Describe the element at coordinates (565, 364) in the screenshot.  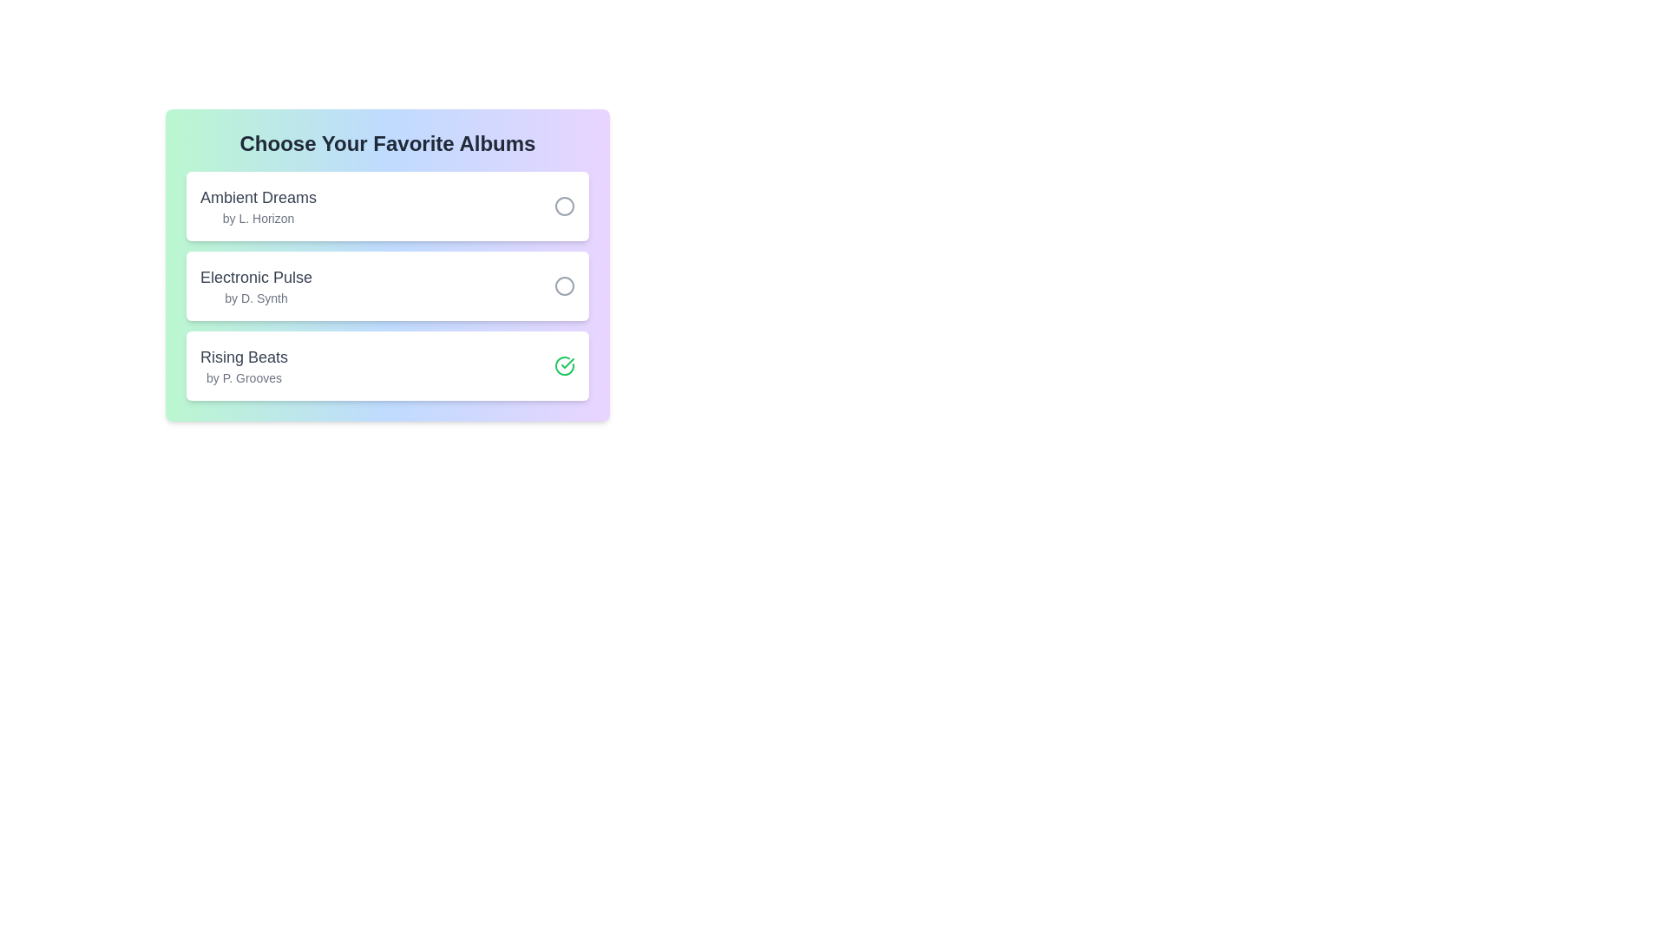
I see `the album Rising Beats` at that location.